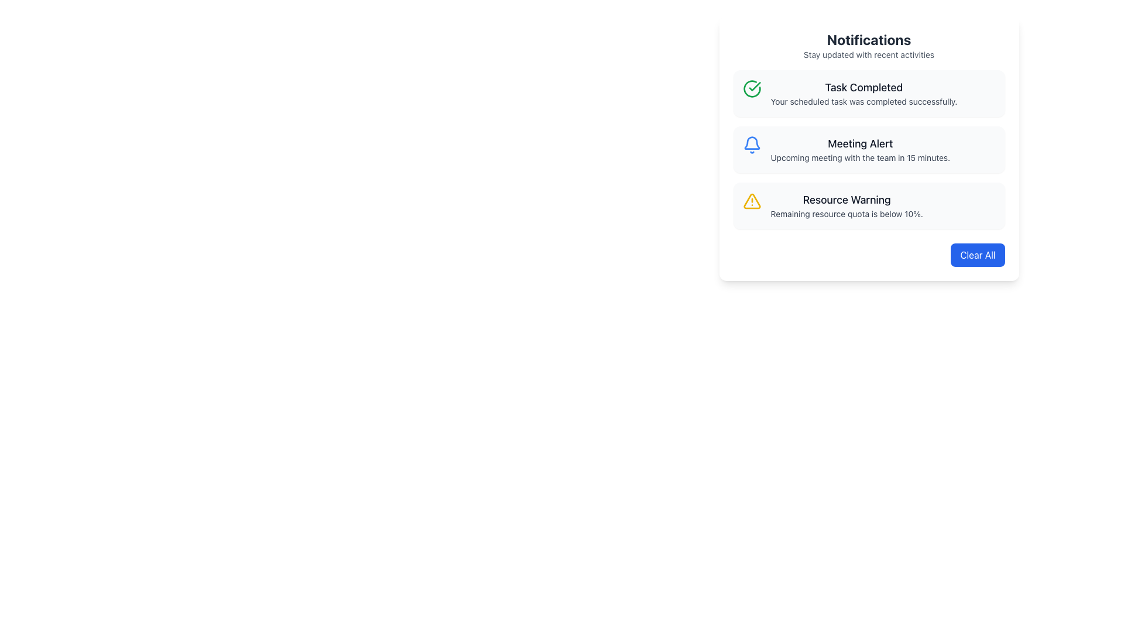 This screenshot has height=632, width=1124. What do you see at coordinates (847, 205) in the screenshot?
I see `contents of the notification labeled 'Resource Warning', which indicates that the remaining resource quota is below 10%` at bounding box center [847, 205].